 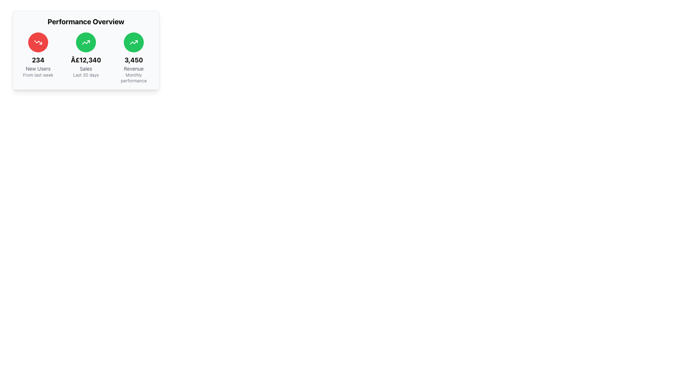 I want to click on the Static Text Display element showing the value '3,450', which is styled in bold and positioned centrally below a green circular icon and above the caption 'Revenue', so click(x=133, y=60).